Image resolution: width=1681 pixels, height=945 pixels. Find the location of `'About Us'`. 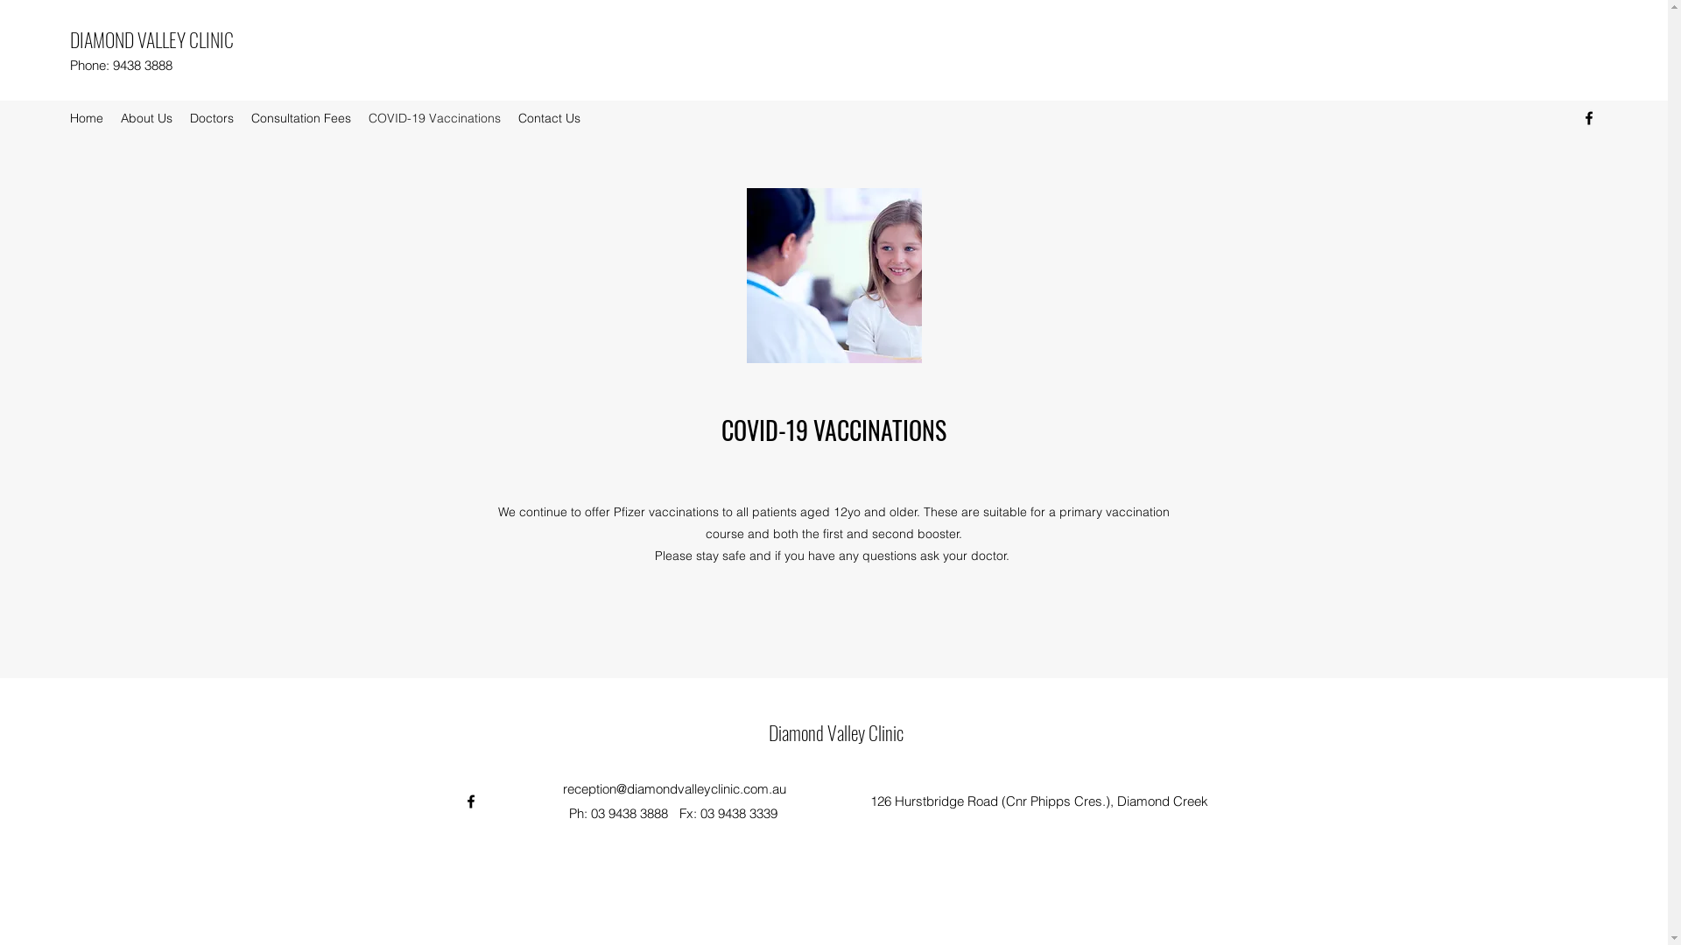

'About Us' is located at coordinates (146, 118).